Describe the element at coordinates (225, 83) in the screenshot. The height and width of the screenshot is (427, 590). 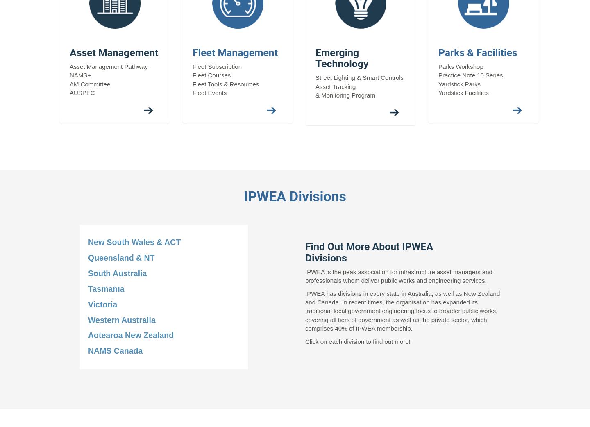
I see `'Fleet Tools & Resources'` at that location.